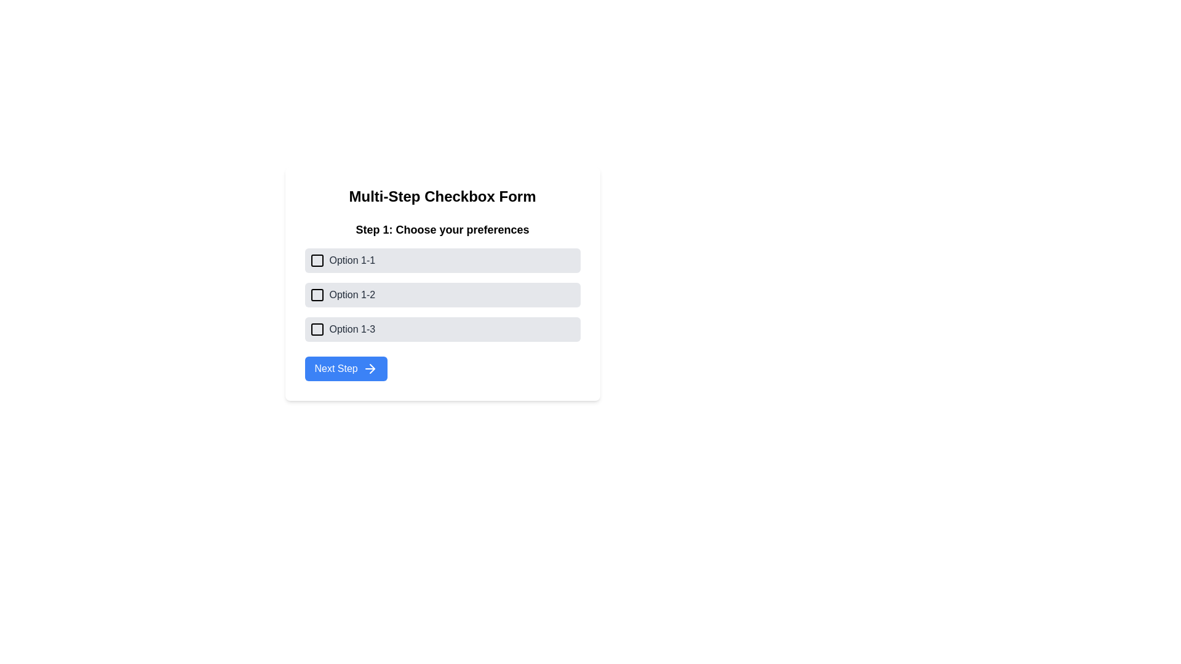 Image resolution: width=1181 pixels, height=664 pixels. Describe the element at coordinates (317, 260) in the screenshot. I see `the checkbox icon with a black border and gray filling located to the left of the text 'Option 1-1'` at that location.